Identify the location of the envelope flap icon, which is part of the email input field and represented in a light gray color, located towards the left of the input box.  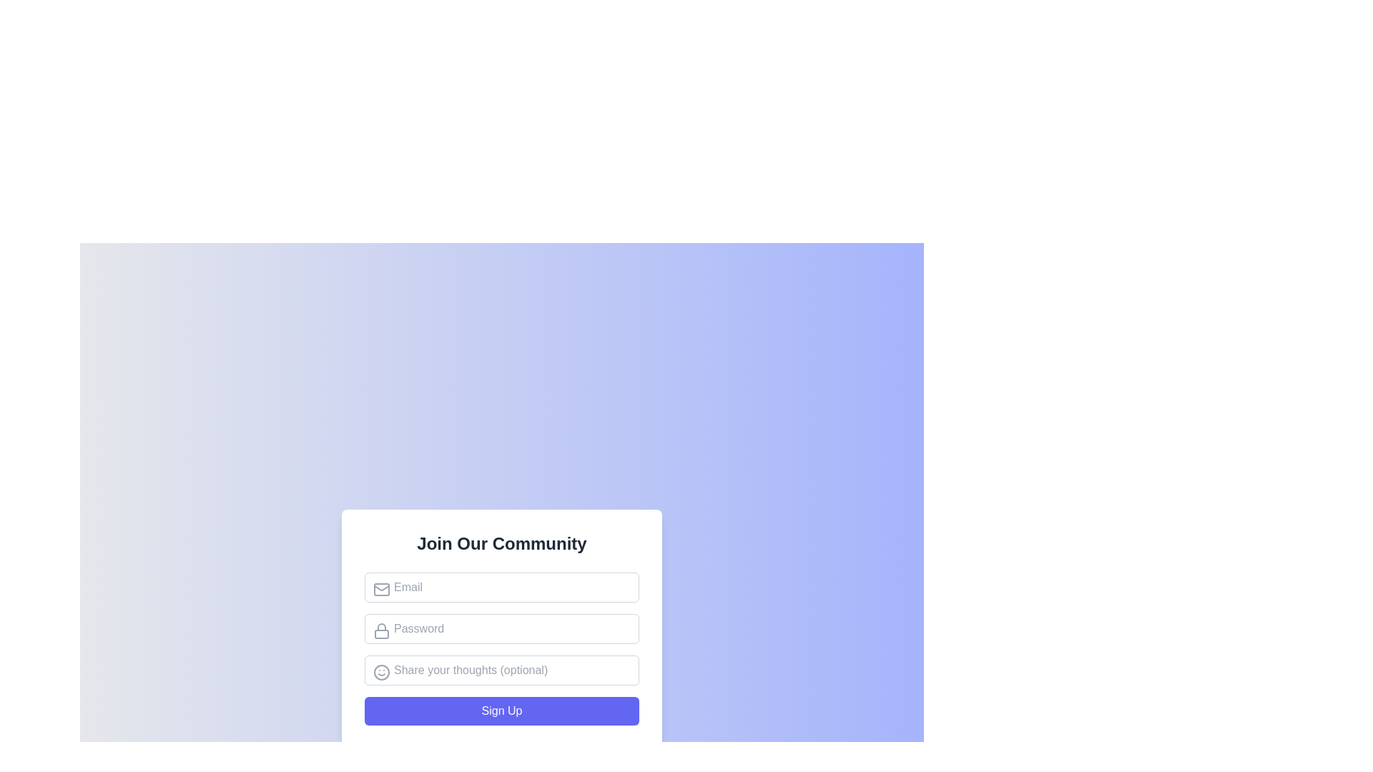
(381, 587).